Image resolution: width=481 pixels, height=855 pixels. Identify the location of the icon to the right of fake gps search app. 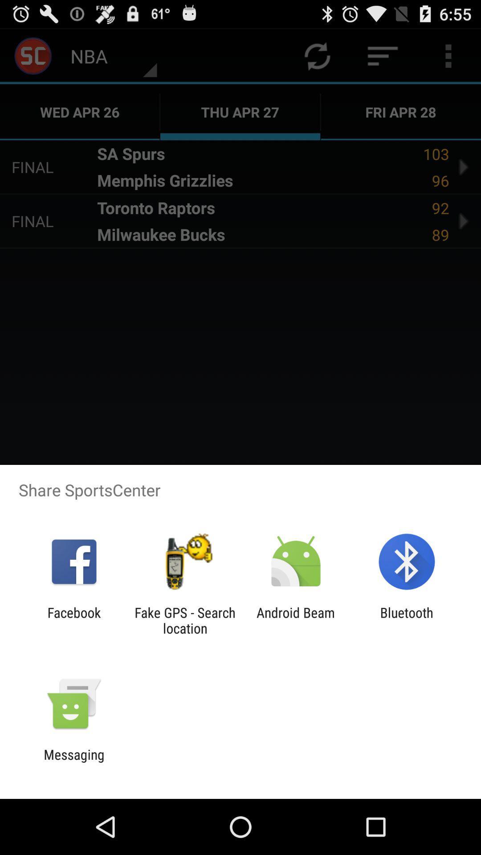
(296, 620).